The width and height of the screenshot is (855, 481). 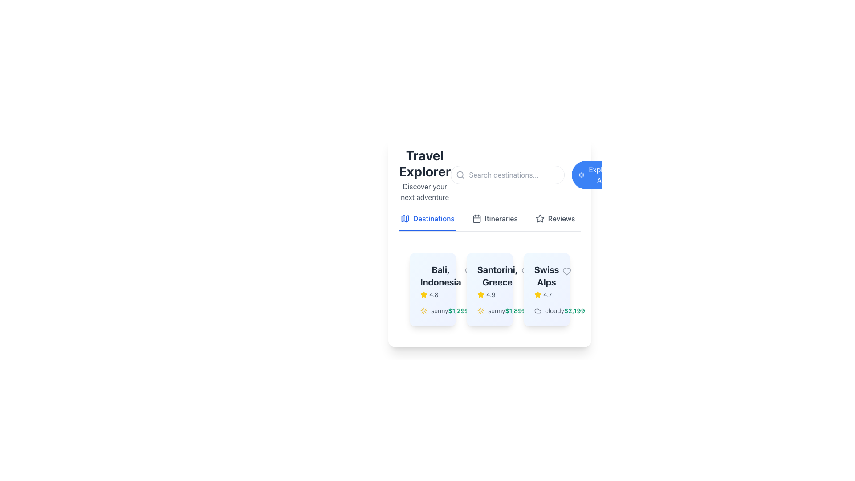 What do you see at coordinates (496, 310) in the screenshot?
I see `the Text label displaying the weather condition 'sunny' for Santorini, Greece, which is positioned below the location name and above the pricing information` at bounding box center [496, 310].